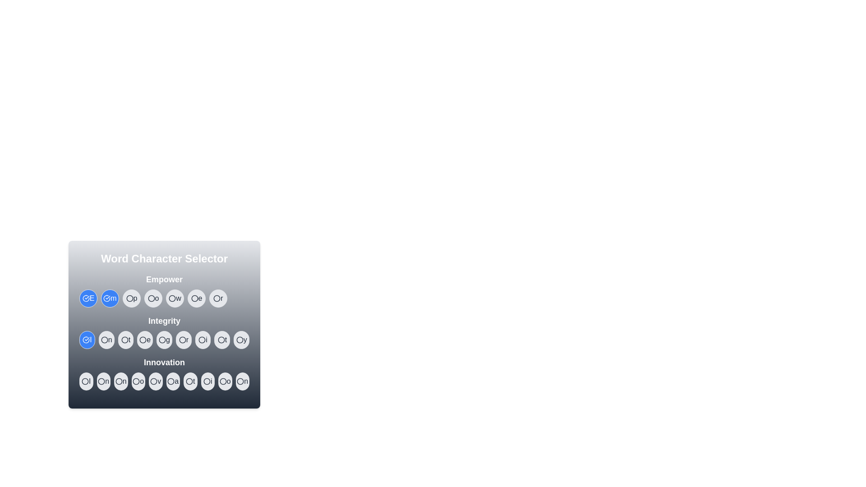 This screenshot has width=866, height=487. Describe the element at coordinates (86, 381) in the screenshot. I see `the character I in the word Innovation` at that location.